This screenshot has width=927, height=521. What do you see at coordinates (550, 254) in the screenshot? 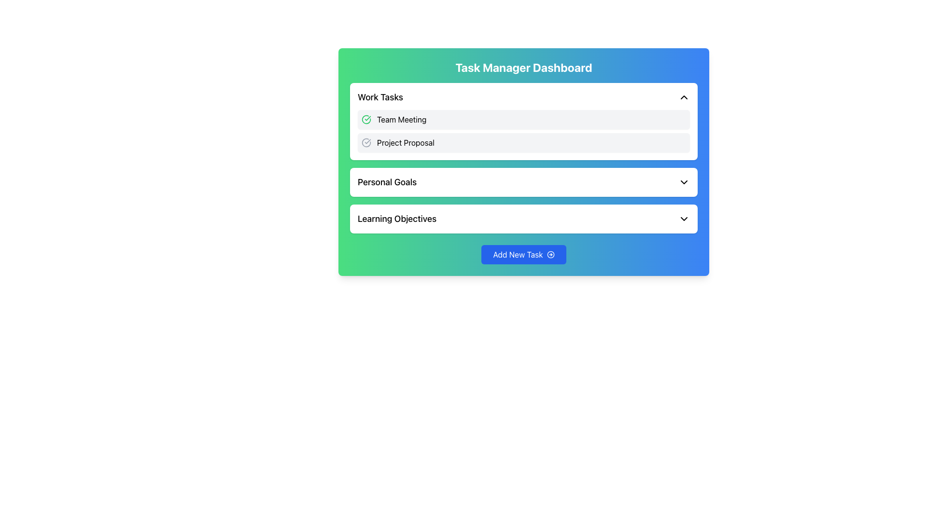
I see `the icon located within the 'Add New Task' button to the right of the 'Add New Task' text` at bounding box center [550, 254].